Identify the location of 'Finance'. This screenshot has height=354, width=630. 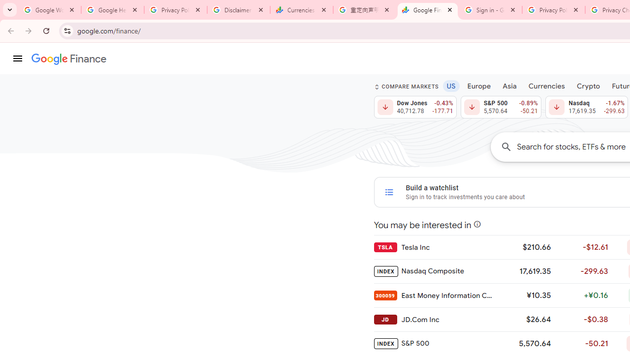
(68, 59).